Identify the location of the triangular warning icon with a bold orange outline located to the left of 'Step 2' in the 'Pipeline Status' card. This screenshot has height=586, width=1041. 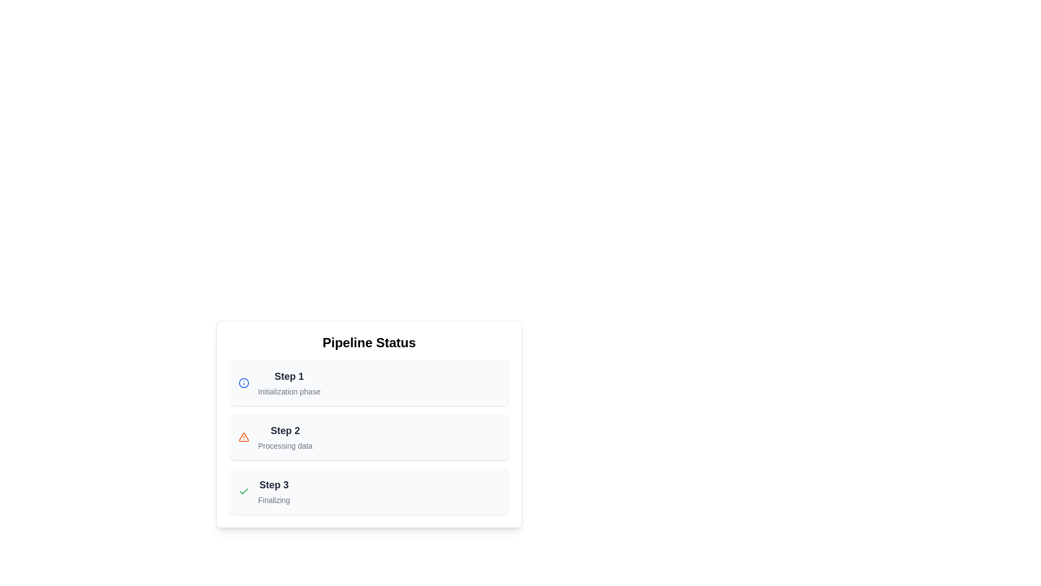
(243, 437).